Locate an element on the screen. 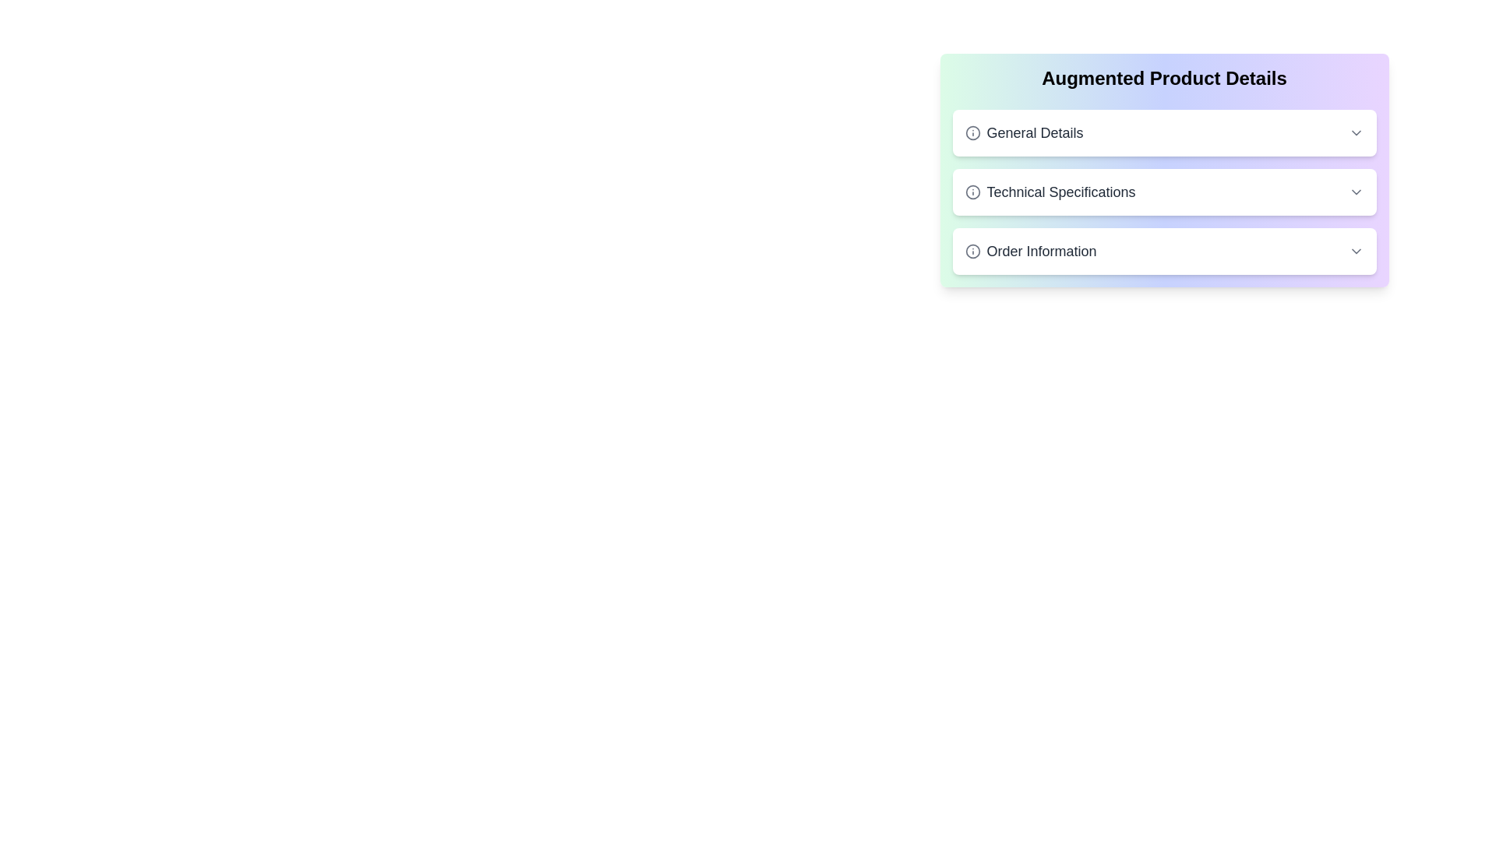  the 'Technical Specifications' Text label which serves as a section title and may toggle additional details is located at coordinates (1050, 191).